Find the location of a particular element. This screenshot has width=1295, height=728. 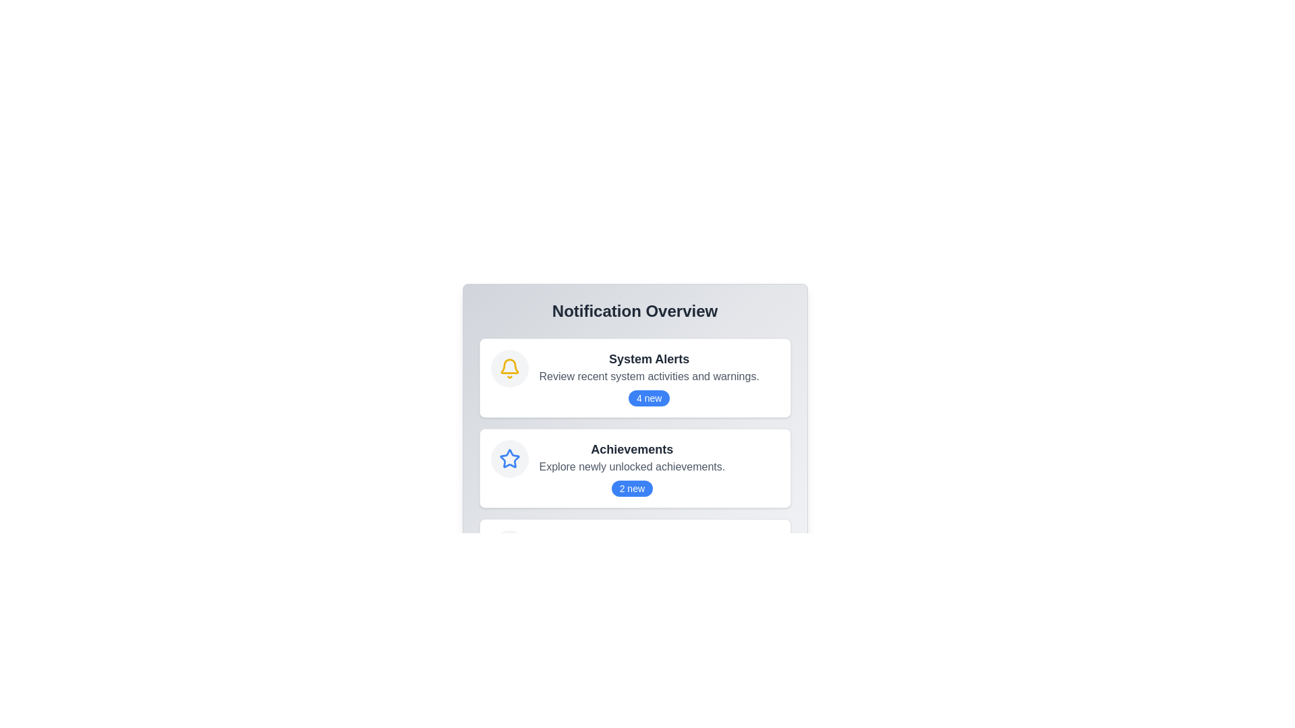

the star-shaped icon located in the 'Achievements' section, next to the '2 new' indicator is located at coordinates (509, 458).